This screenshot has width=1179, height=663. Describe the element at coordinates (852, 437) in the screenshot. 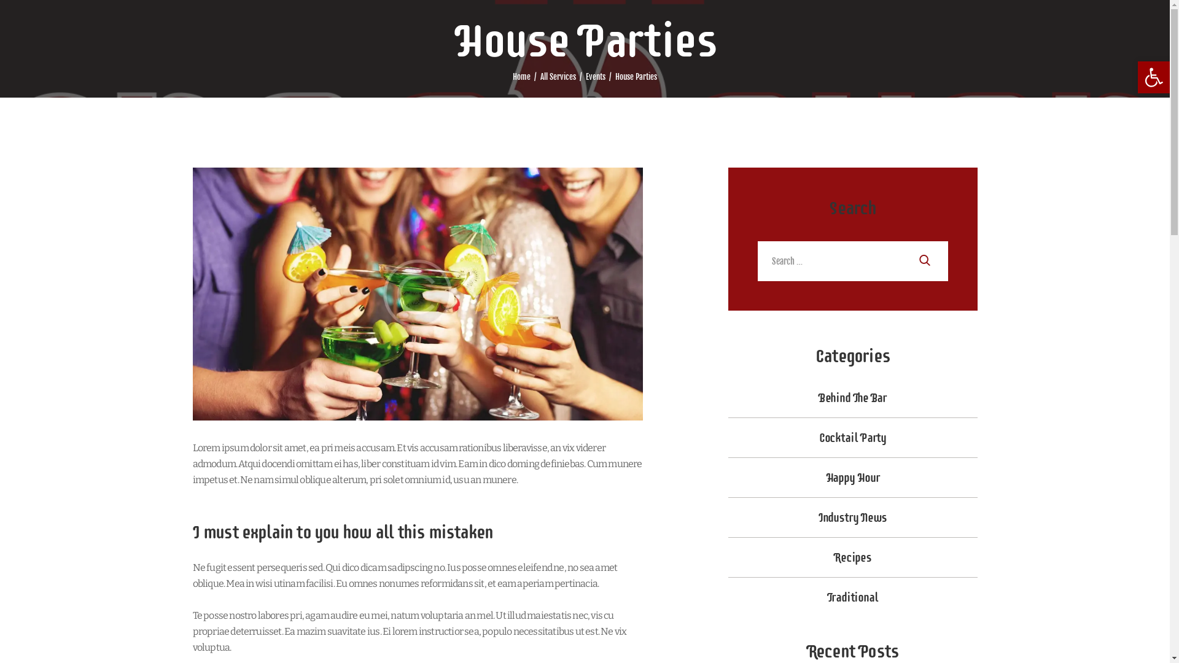

I see `'Cocktail Party'` at that location.